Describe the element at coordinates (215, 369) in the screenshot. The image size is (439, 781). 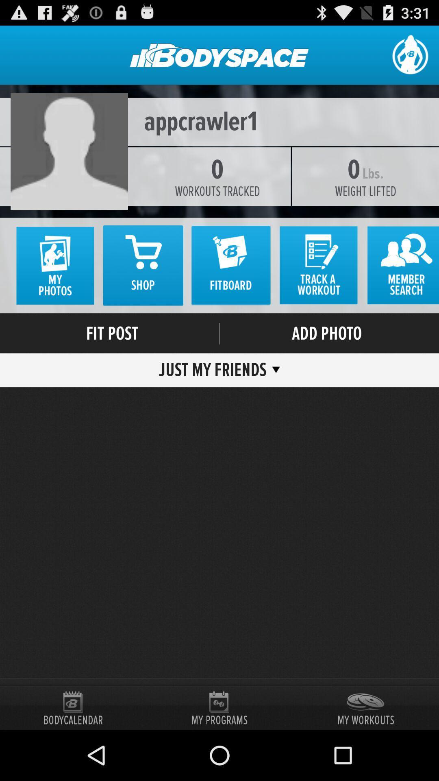
I see `item below the fit post item` at that location.